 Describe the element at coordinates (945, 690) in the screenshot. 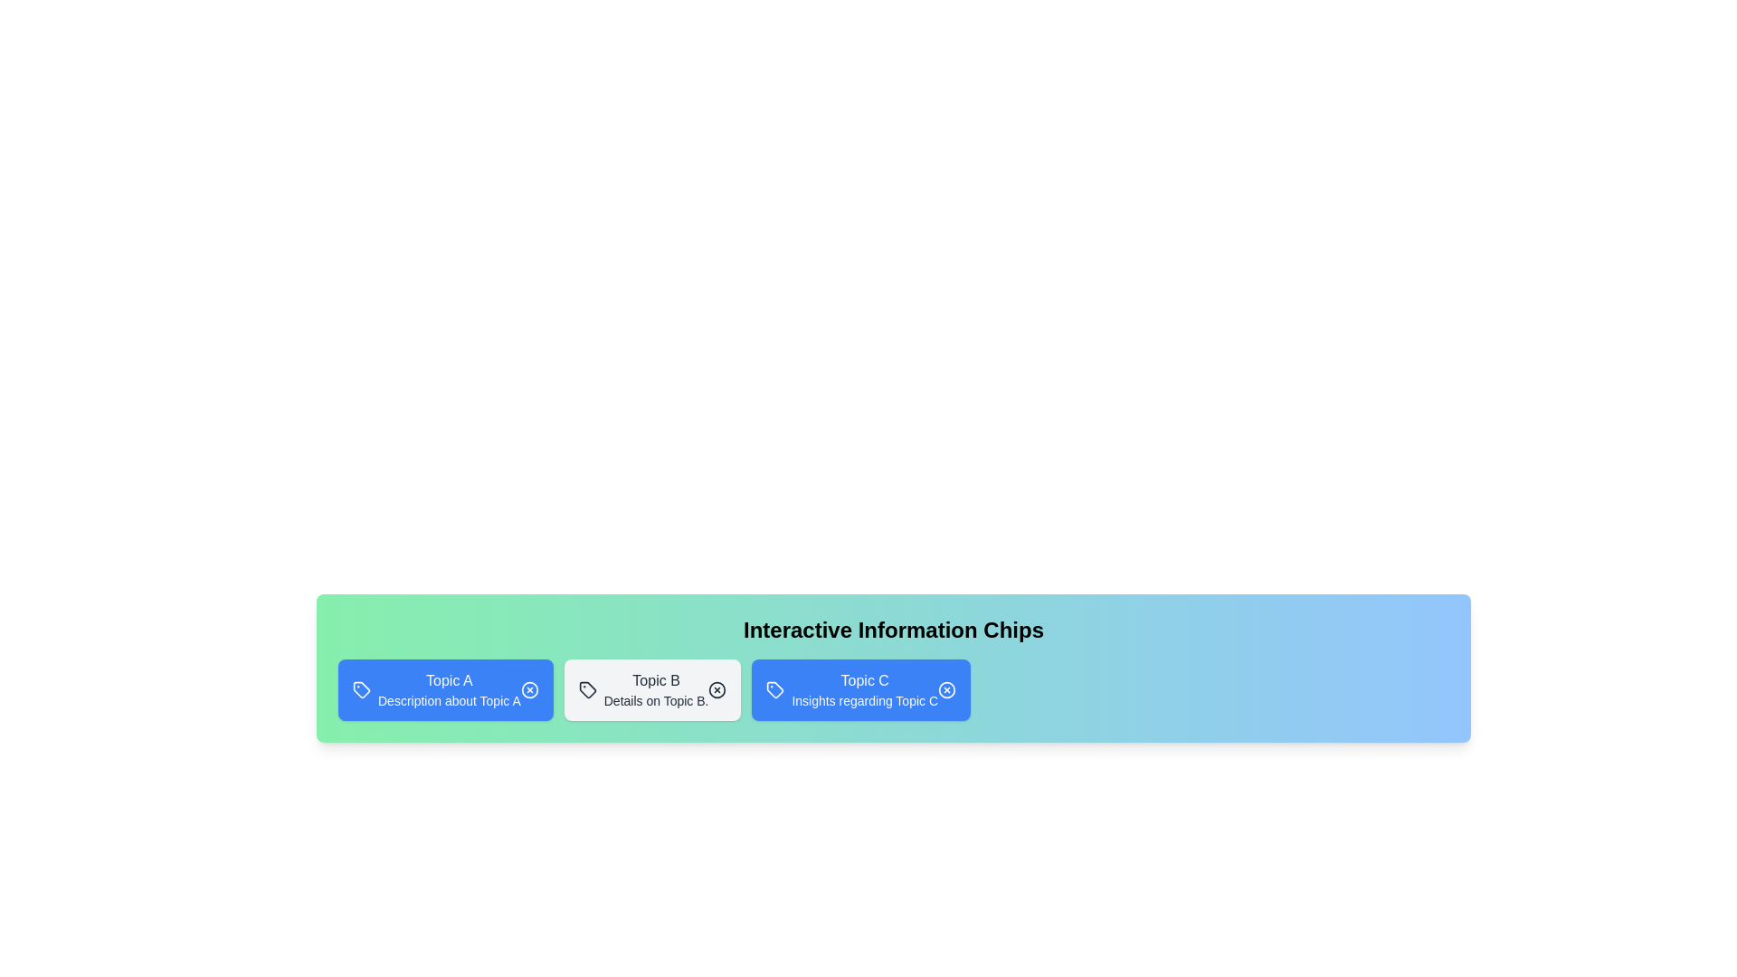

I see `the close button of the chip labeled Topic C` at that location.